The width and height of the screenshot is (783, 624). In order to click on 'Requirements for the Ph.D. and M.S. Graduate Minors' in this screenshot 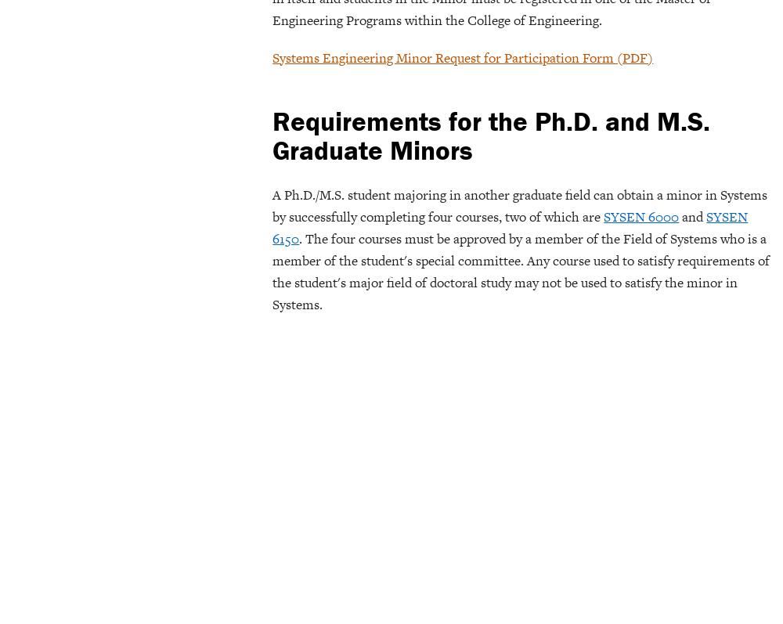, I will do `click(491, 135)`.